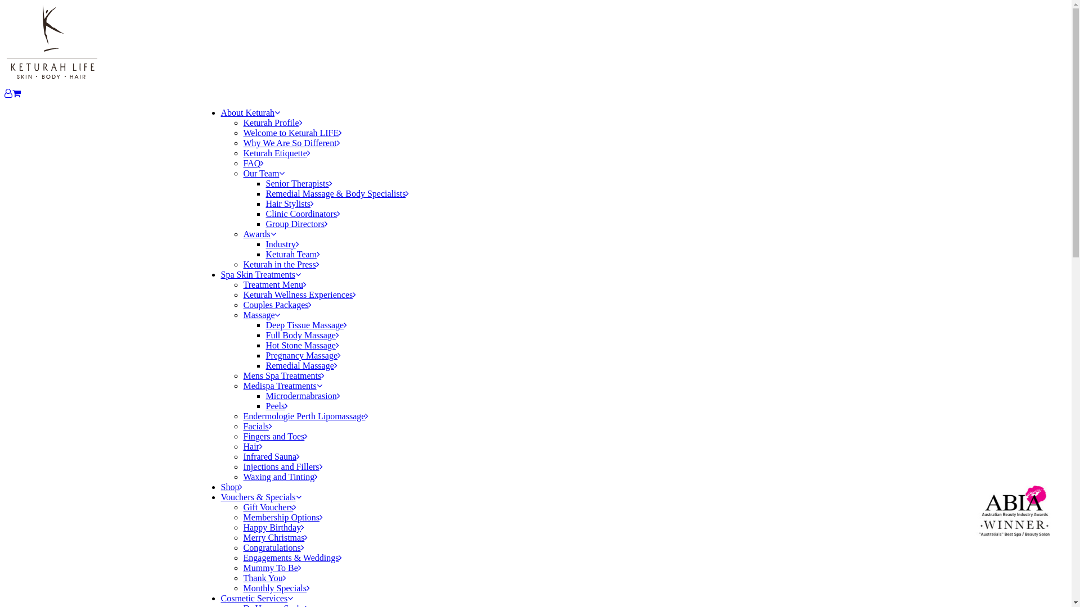 The height and width of the screenshot is (607, 1080). Describe the element at coordinates (242, 264) in the screenshot. I see `'Keturah in the Press'` at that location.